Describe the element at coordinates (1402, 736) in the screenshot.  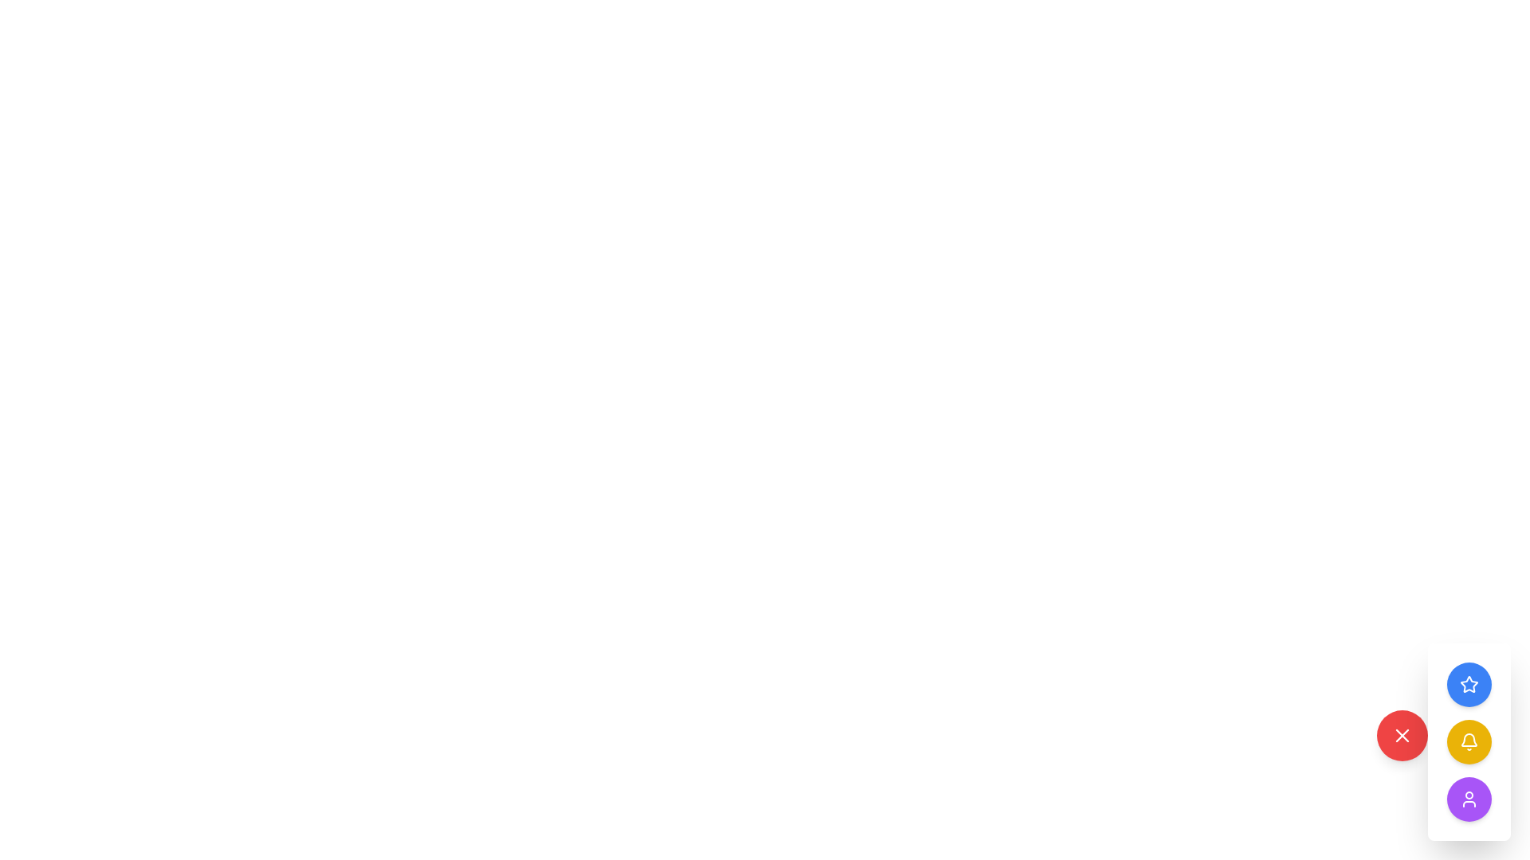
I see `the red circular button with a white 'X' icon` at that location.